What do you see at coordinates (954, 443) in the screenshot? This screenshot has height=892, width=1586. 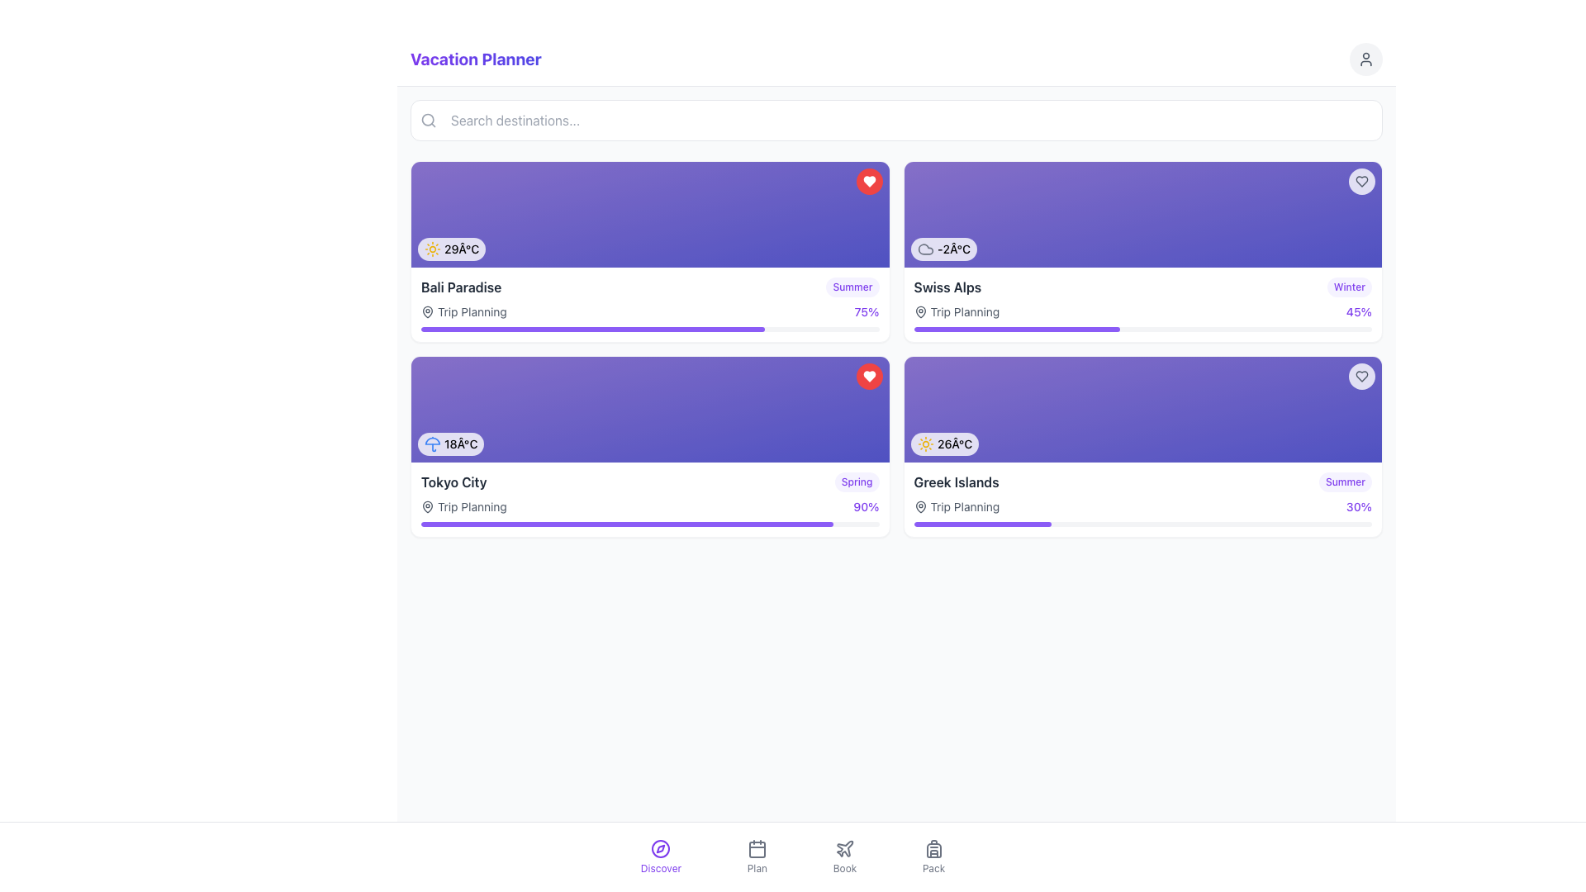 I see `temperature information displayed in the text label showing '26°C' located in the bottom-right block of the destination card for 'Greek Islands'` at bounding box center [954, 443].